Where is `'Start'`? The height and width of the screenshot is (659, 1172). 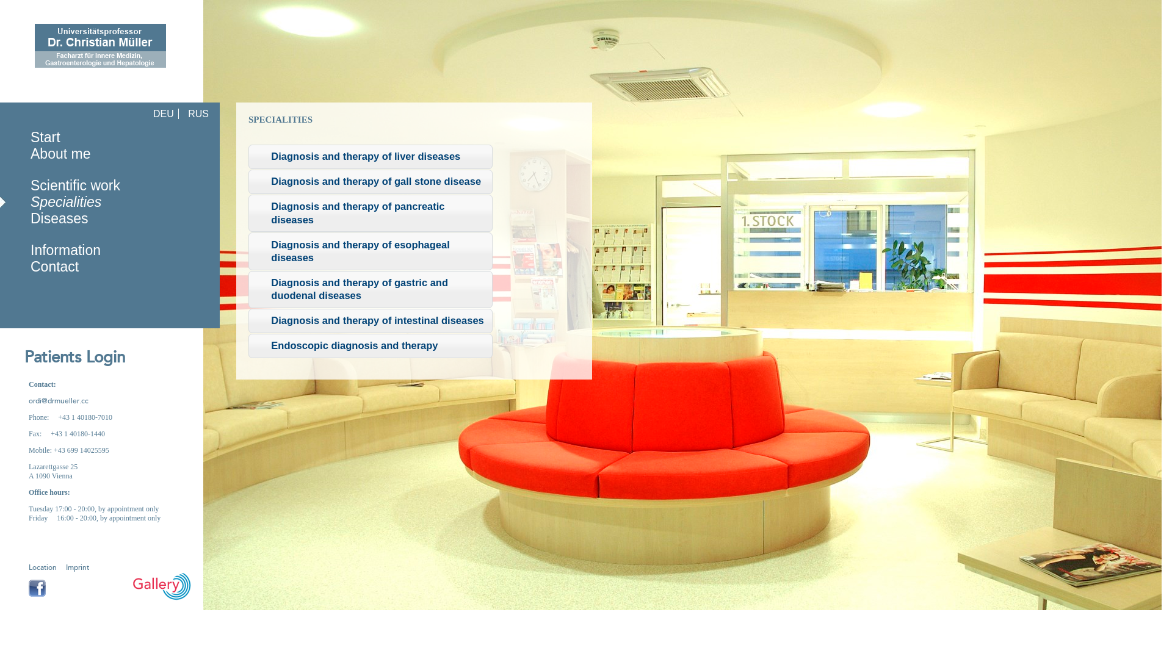 'Start' is located at coordinates (45, 137).